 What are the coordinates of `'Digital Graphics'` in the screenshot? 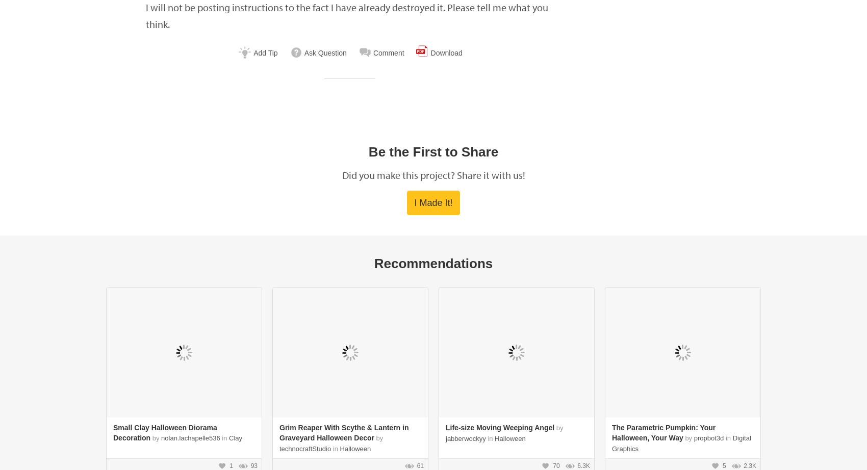 It's located at (611, 442).